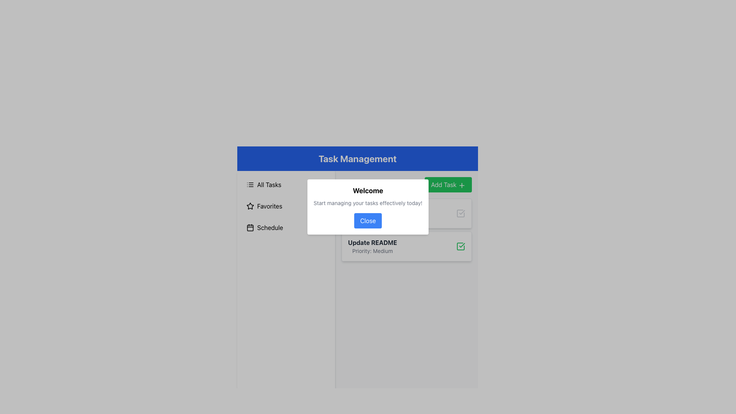 Image resolution: width=736 pixels, height=414 pixels. Describe the element at coordinates (264, 205) in the screenshot. I see `the 'Favorites' button, which features a star icon and is styled with rounded edges, located in the sidebar below 'All Tasks'` at that location.